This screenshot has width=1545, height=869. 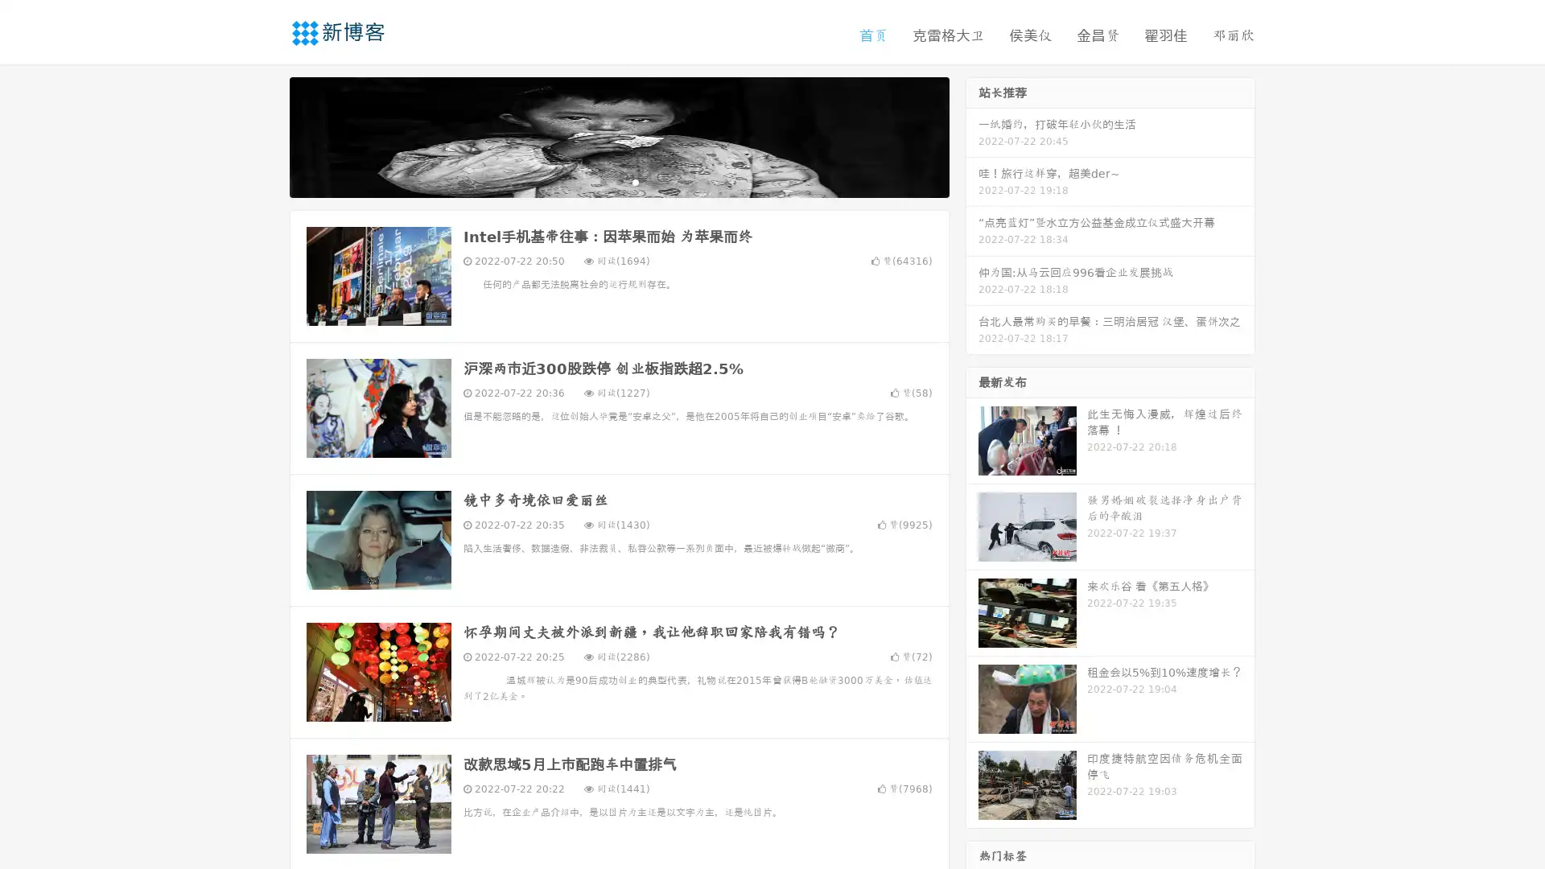 What do you see at coordinates (602, 181) in the screenshot?
I see `Go to slide 1` at bounding box center [602, 181].